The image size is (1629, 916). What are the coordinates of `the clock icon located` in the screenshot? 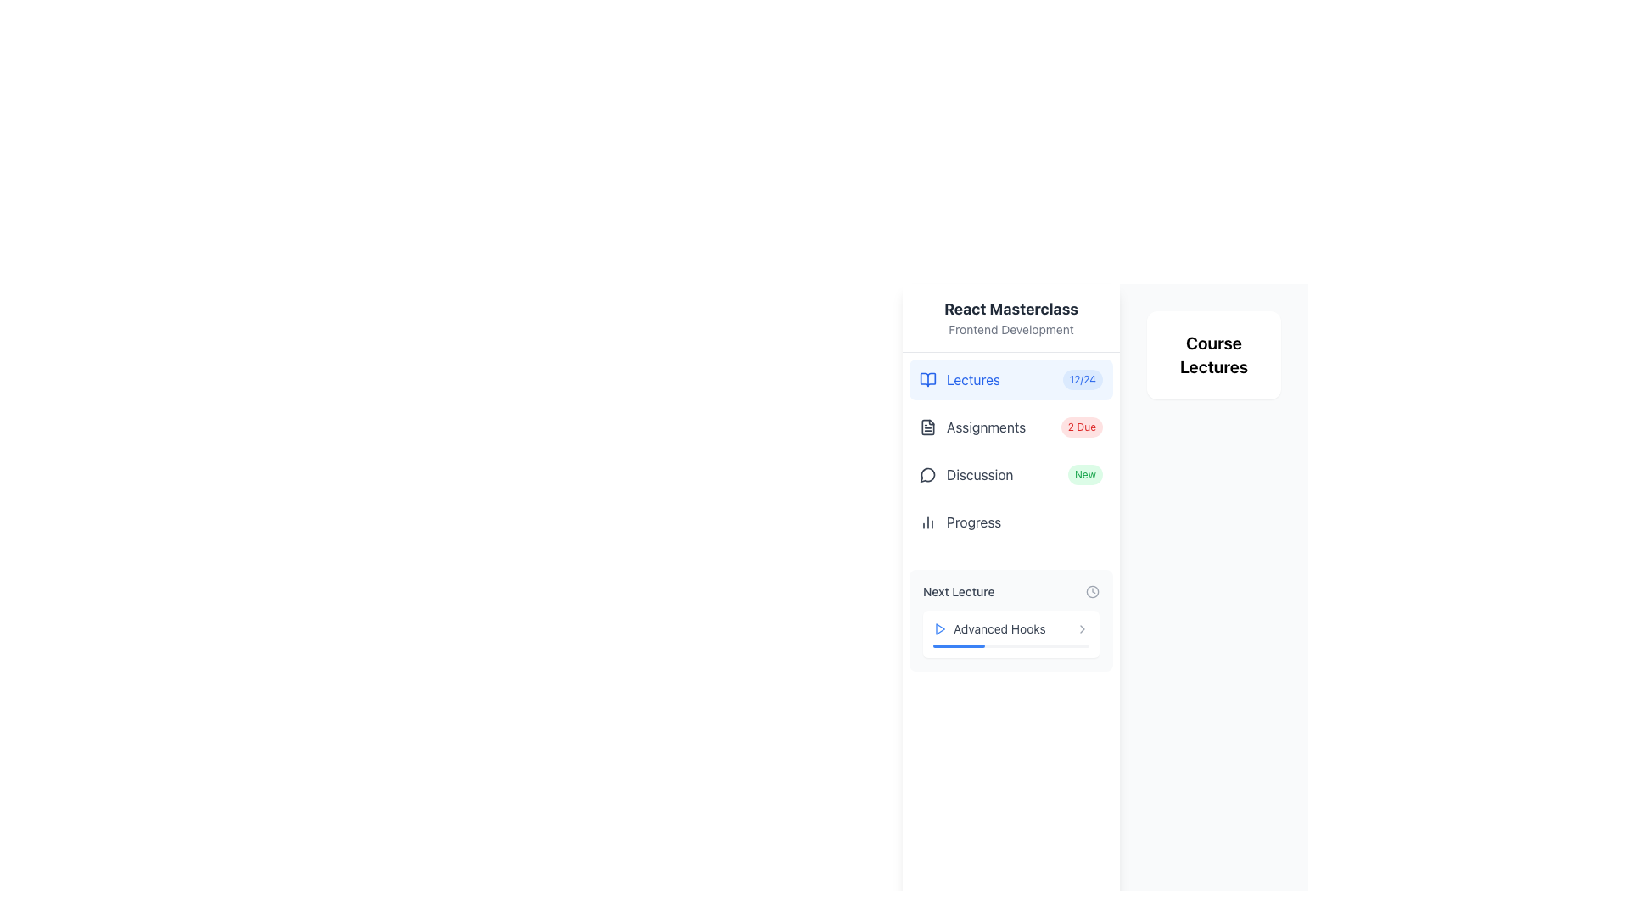 It's located at (1092, 591).